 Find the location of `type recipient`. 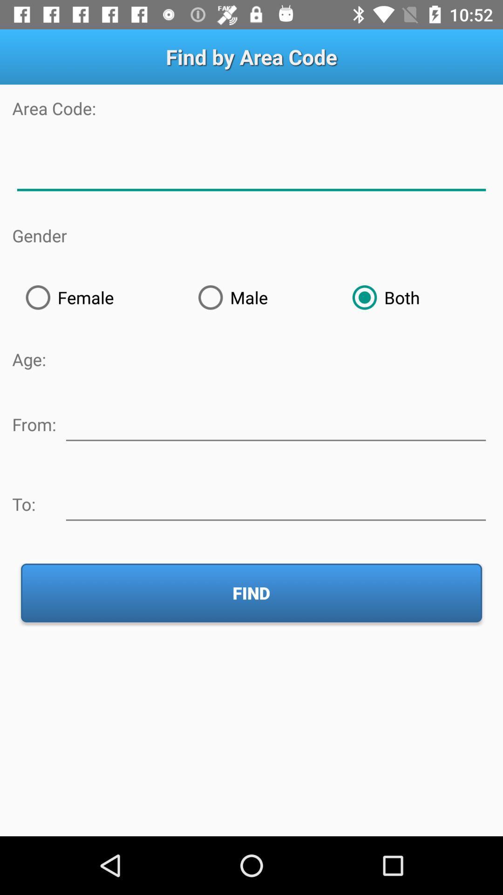

type recipient is located at coordinates (275, 502).